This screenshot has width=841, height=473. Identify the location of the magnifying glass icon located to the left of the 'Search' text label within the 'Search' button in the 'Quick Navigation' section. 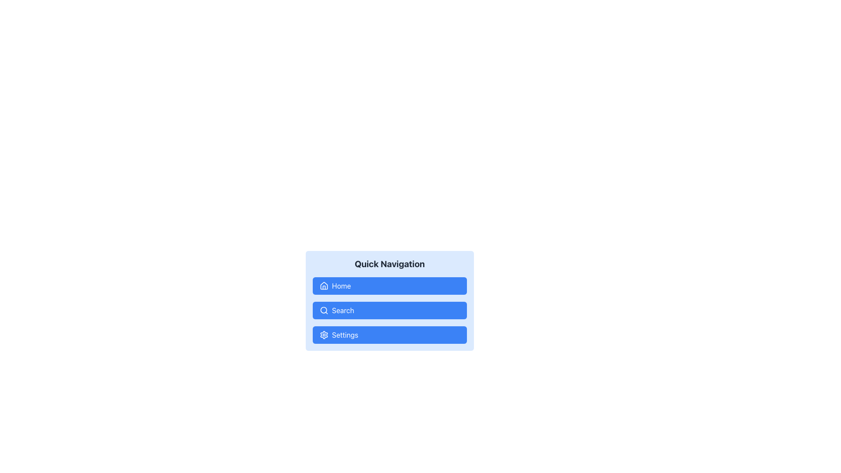
(323, 310).